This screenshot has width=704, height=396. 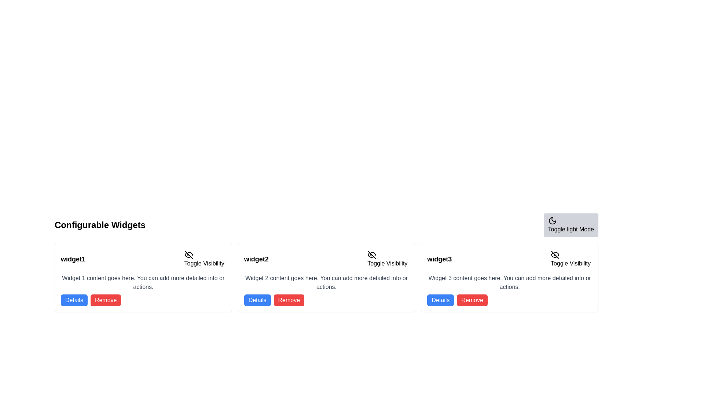 I want to click on the text block containing 'Widget 2 content goes here.' located within the 'widget2' widget, so click(x=326, y=289).